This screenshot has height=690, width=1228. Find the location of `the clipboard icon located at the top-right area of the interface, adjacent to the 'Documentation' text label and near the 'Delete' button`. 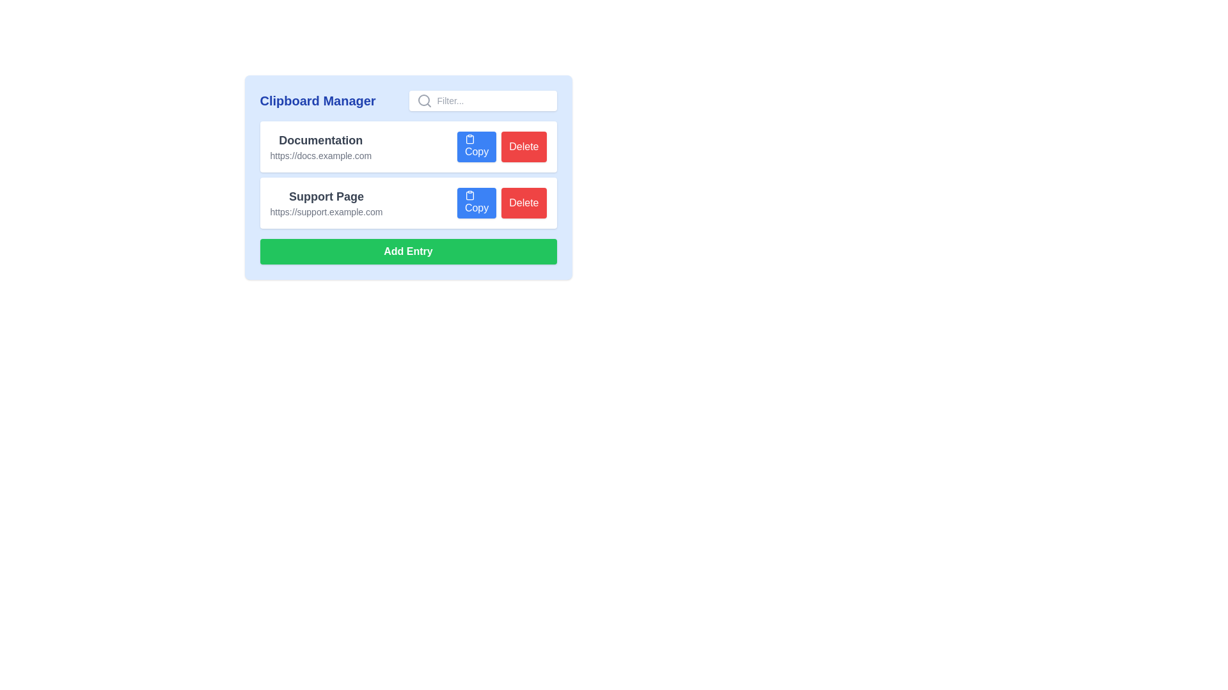

the clipboard icon located at the top-right area of the interface, adjacent to the 'Documentation' text label and near the 'Delete' button is located at coordinates (469, 139).